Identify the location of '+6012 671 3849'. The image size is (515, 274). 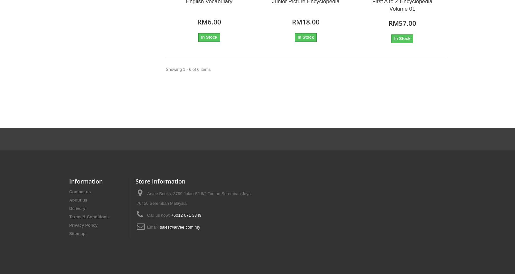
(185, 215).